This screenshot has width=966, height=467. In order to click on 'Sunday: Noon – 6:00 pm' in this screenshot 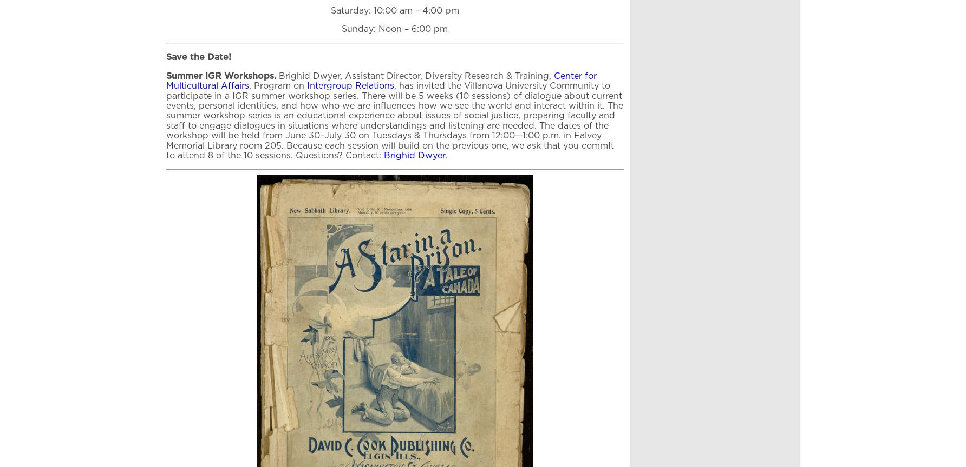, I will do `click(394, 29)`.